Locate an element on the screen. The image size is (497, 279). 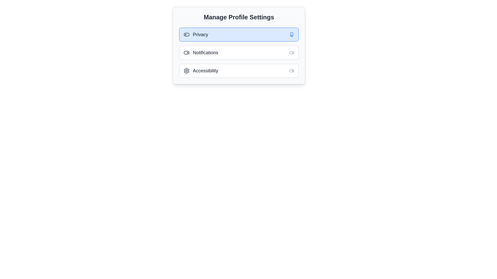
the 'Privacy' text label element, which is styled with a medium font weight and grey color, located in the 'Manage Profile Settings' section to the right of a toggle icon is located at coordinates (200, 35).